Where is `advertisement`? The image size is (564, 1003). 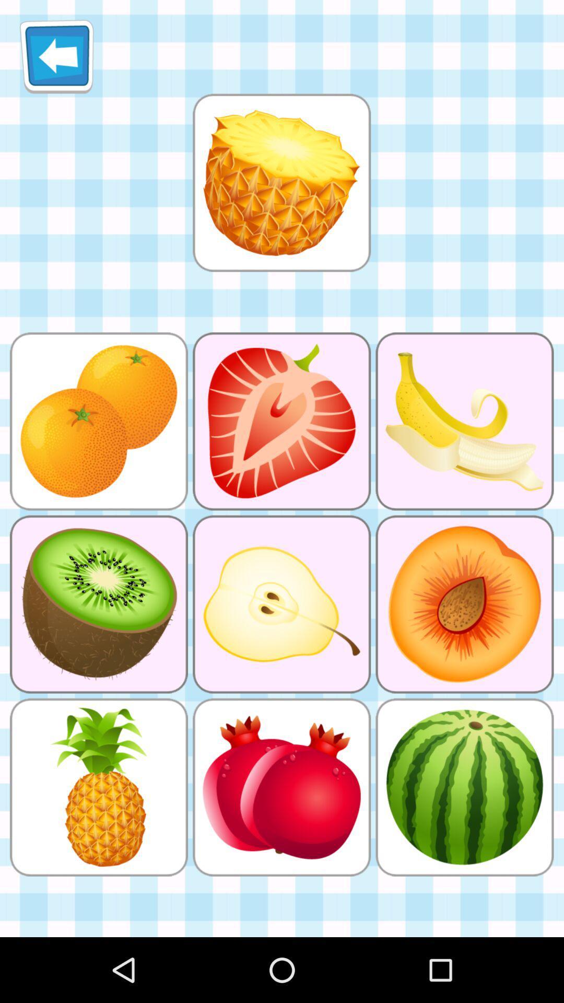 advertisement is located at coordinates (281, 182).